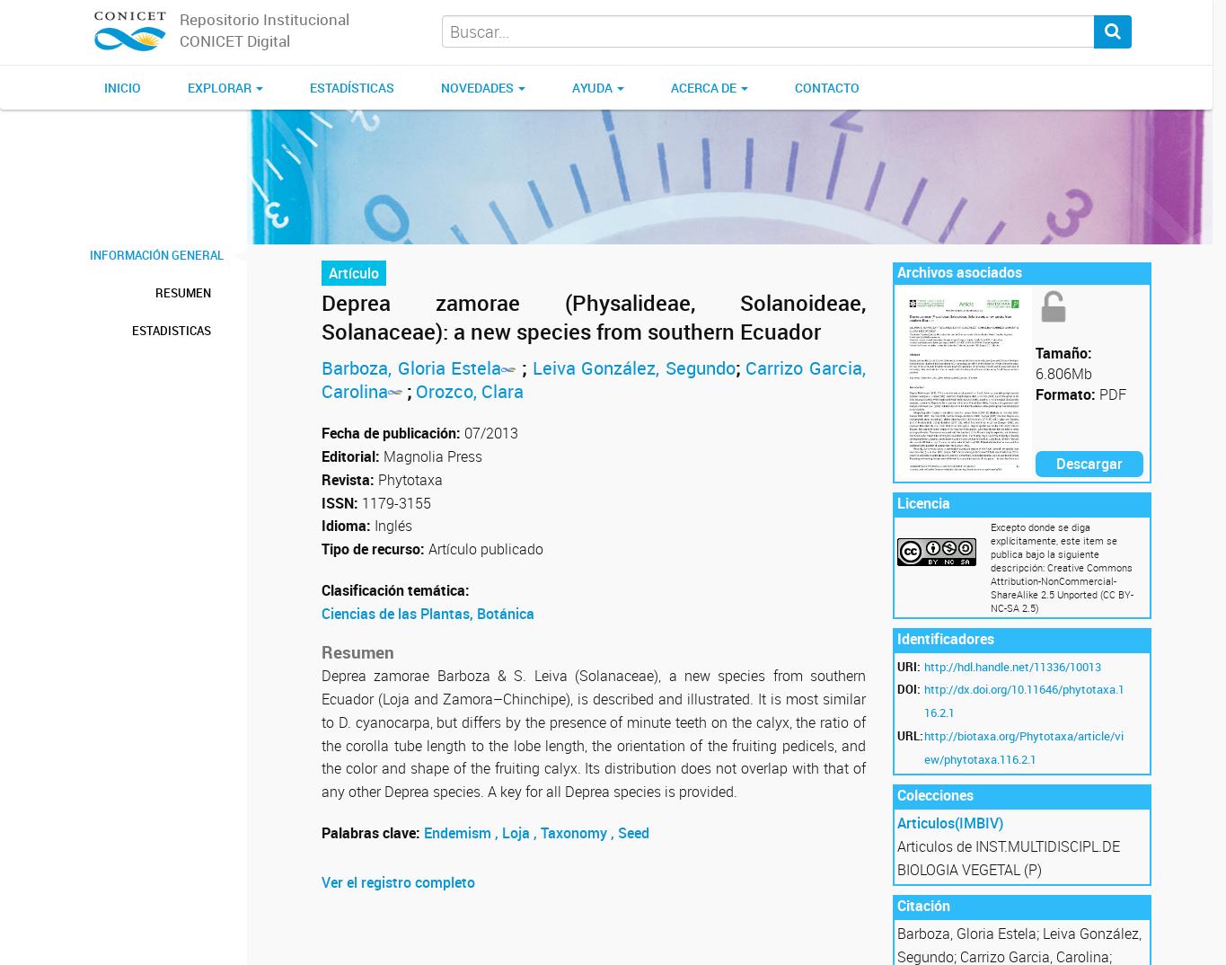 The image size is (1226, 965). Describe the element at coordinates (670, 87) in the screenshot. I see `'Acerca de'` at that location.